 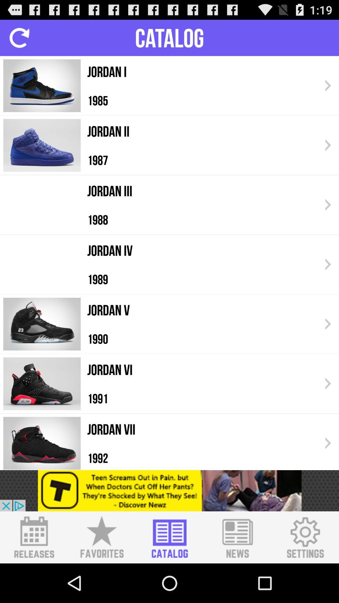 What do you see at coordinates (169, 490) in the screenshot?
I see `advertisement` at bounding box center [169, 490].